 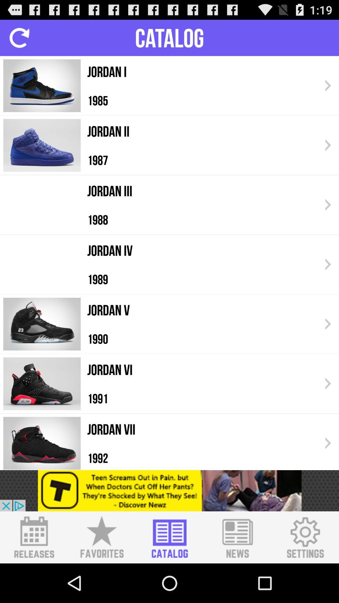 What do you see at coordinates (169, 490) in the screenshot?
I see `advertisement` at bounding box center [169, 490].